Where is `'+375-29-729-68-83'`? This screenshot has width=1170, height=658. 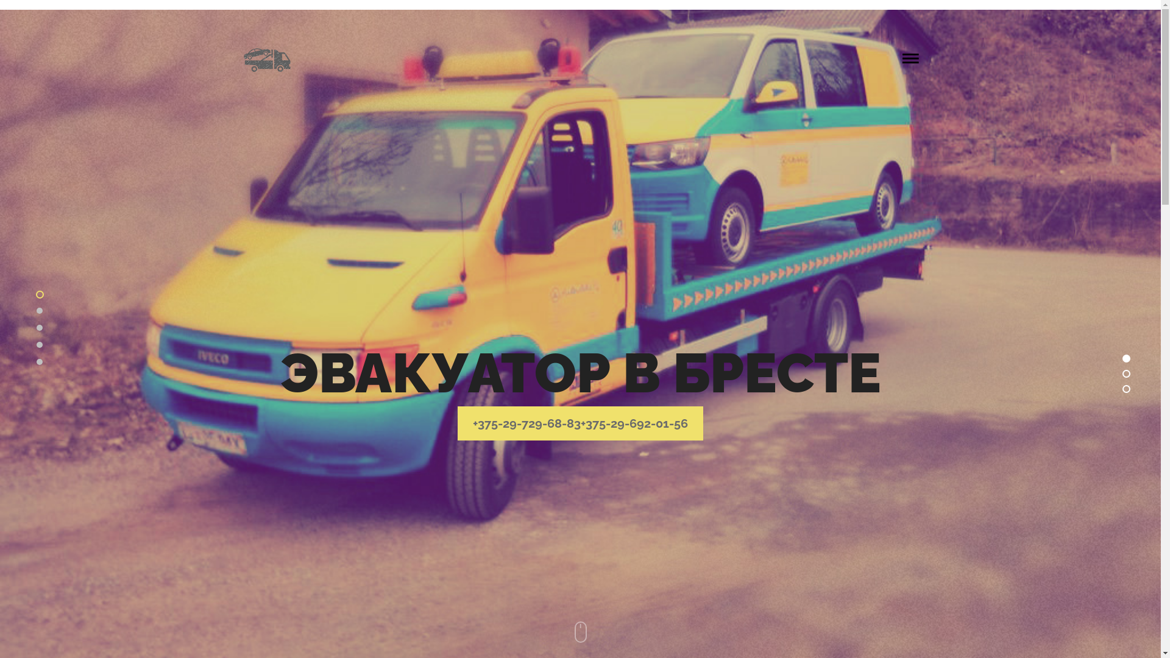 '+375-29-729-68-83' is located at coordinates (526, 422).